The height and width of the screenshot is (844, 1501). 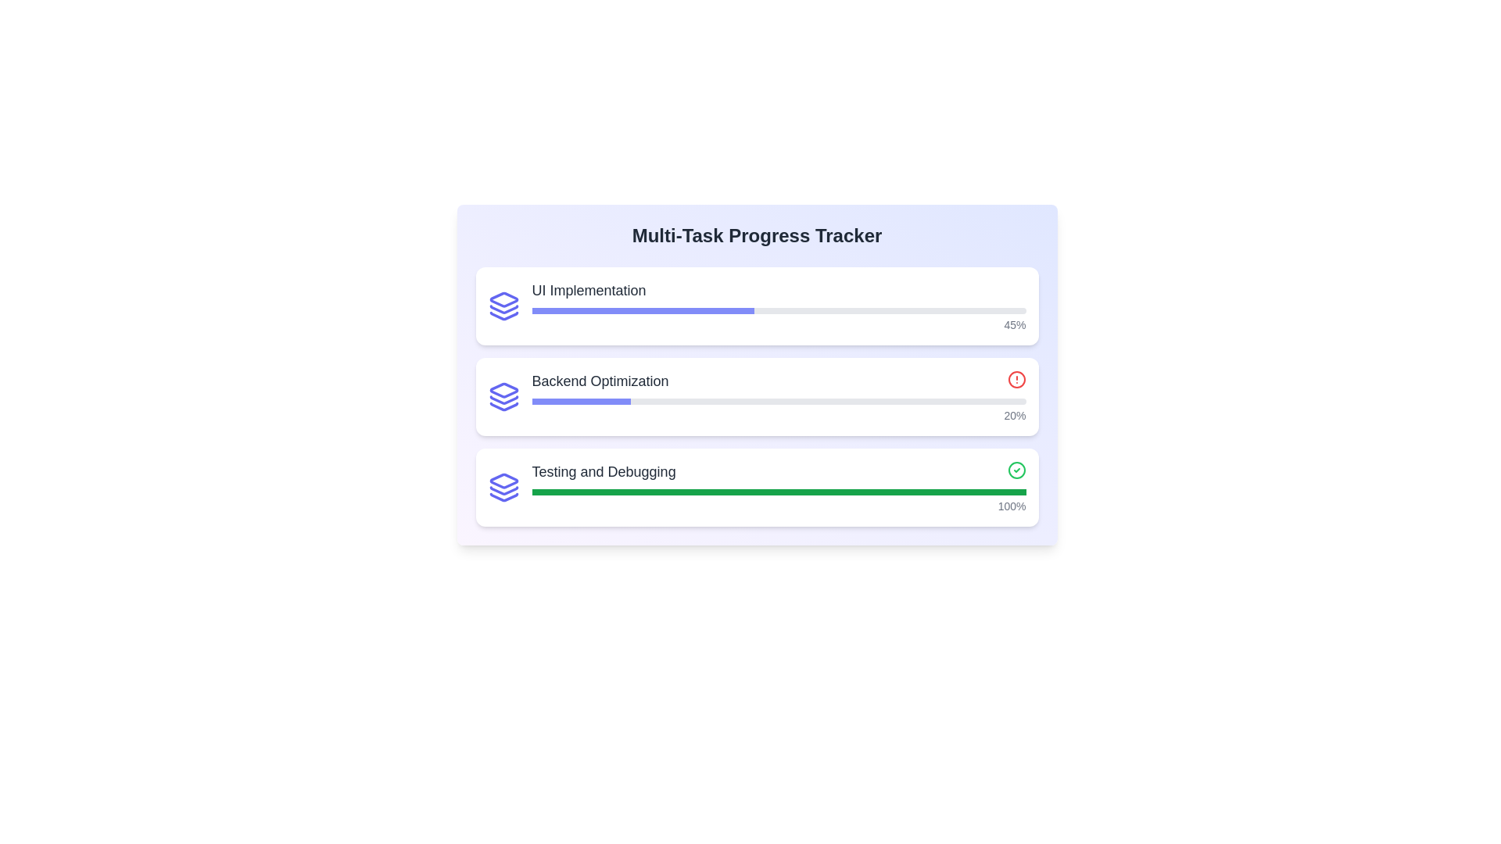 What do you see at coordinates (779, 409) in the screenshot?
I see `progress value from the second progress bar labeled 'Backend Optimization', which visually represents the task's progress` at bounding box center [779, 409].